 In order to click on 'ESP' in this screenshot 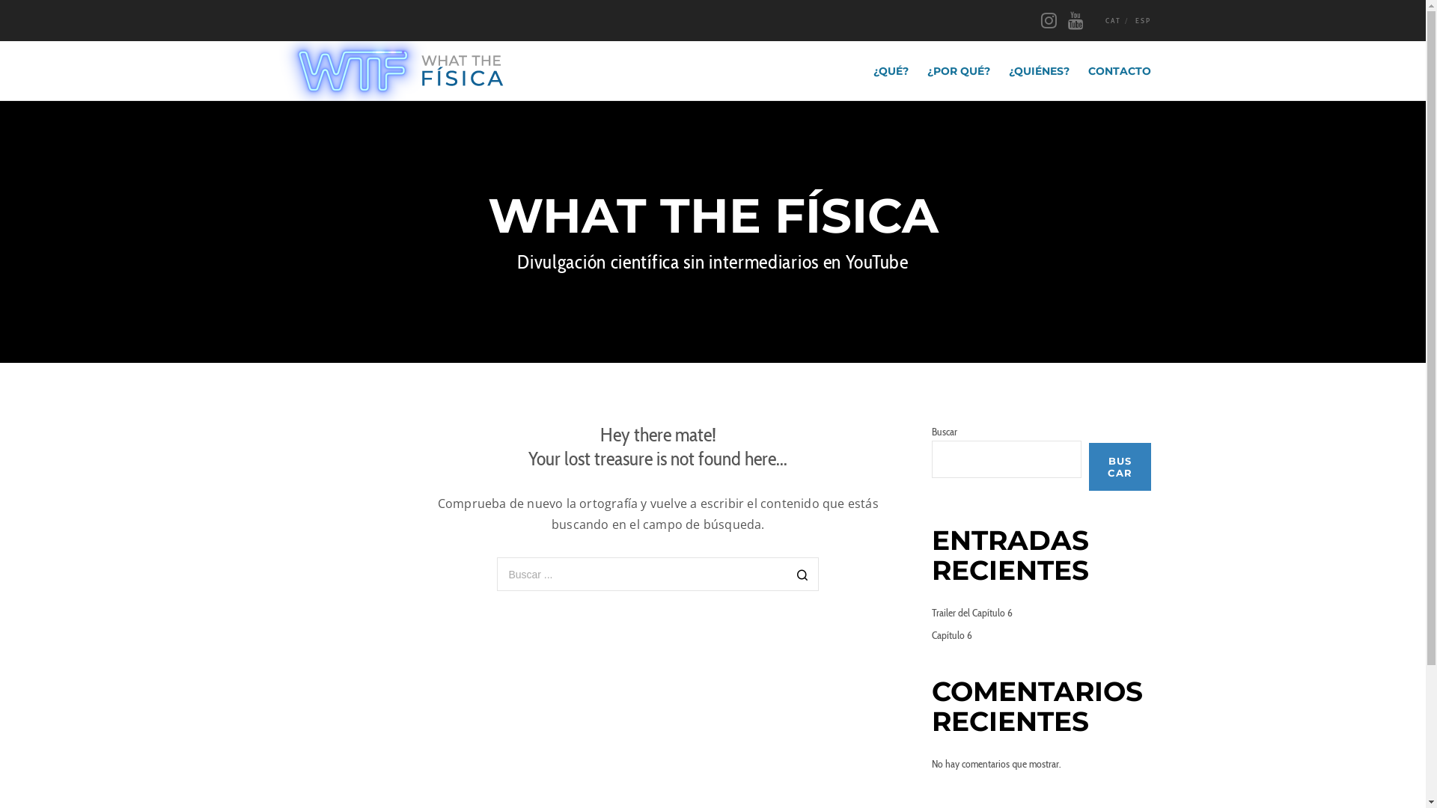, I will do `click(1141, 20)`.